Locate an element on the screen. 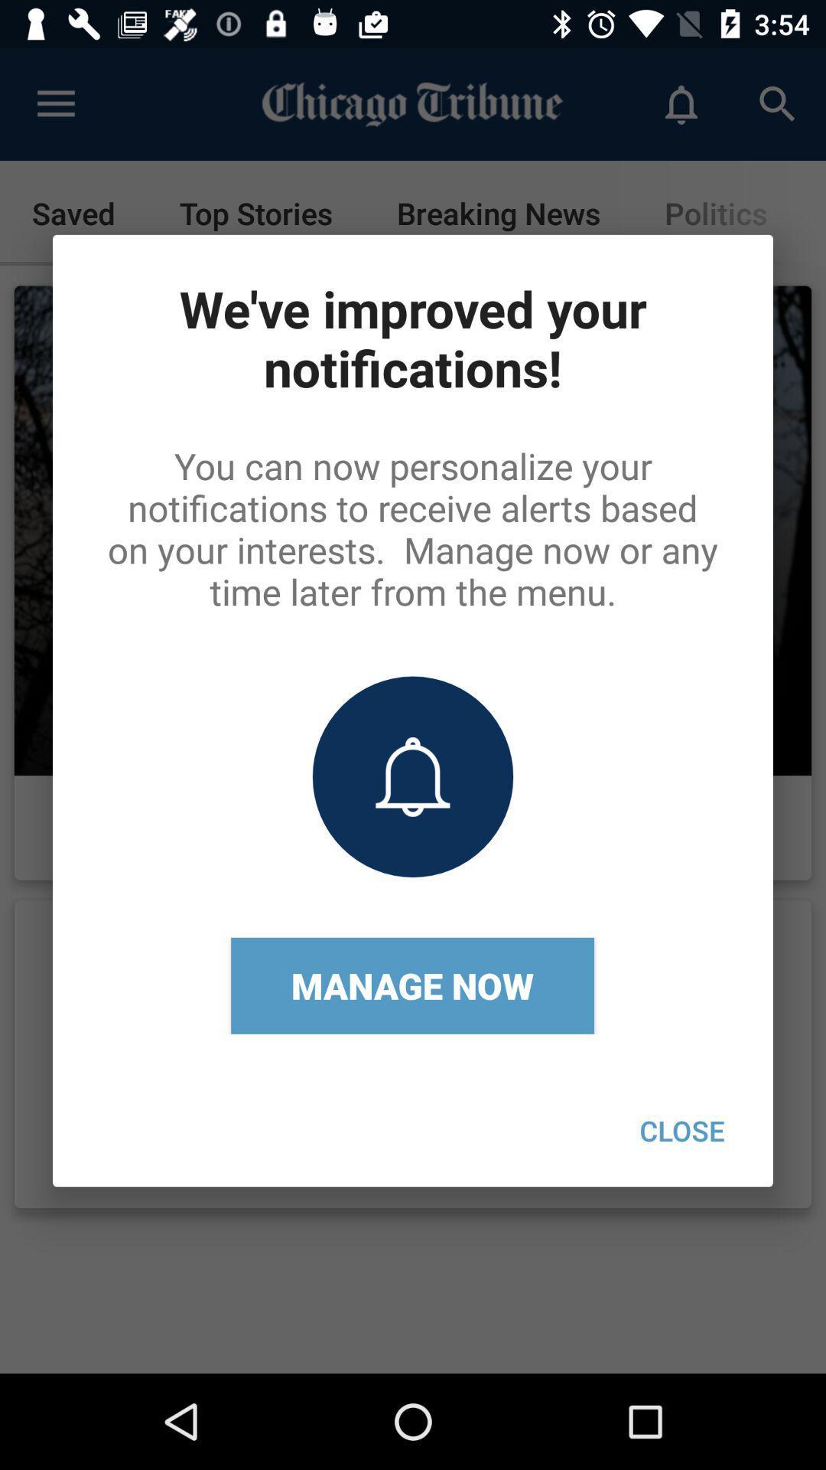  the close item is located at coordinates (681, 1130).